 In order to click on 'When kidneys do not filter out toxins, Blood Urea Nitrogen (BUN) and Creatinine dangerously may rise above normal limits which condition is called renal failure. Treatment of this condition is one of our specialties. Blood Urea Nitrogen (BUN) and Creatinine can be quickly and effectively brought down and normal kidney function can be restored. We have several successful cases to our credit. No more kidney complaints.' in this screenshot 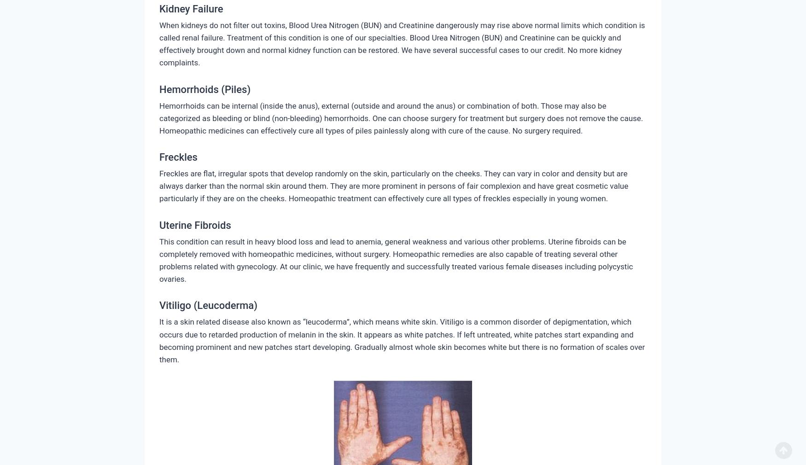, I will do `click(402, 43)`.